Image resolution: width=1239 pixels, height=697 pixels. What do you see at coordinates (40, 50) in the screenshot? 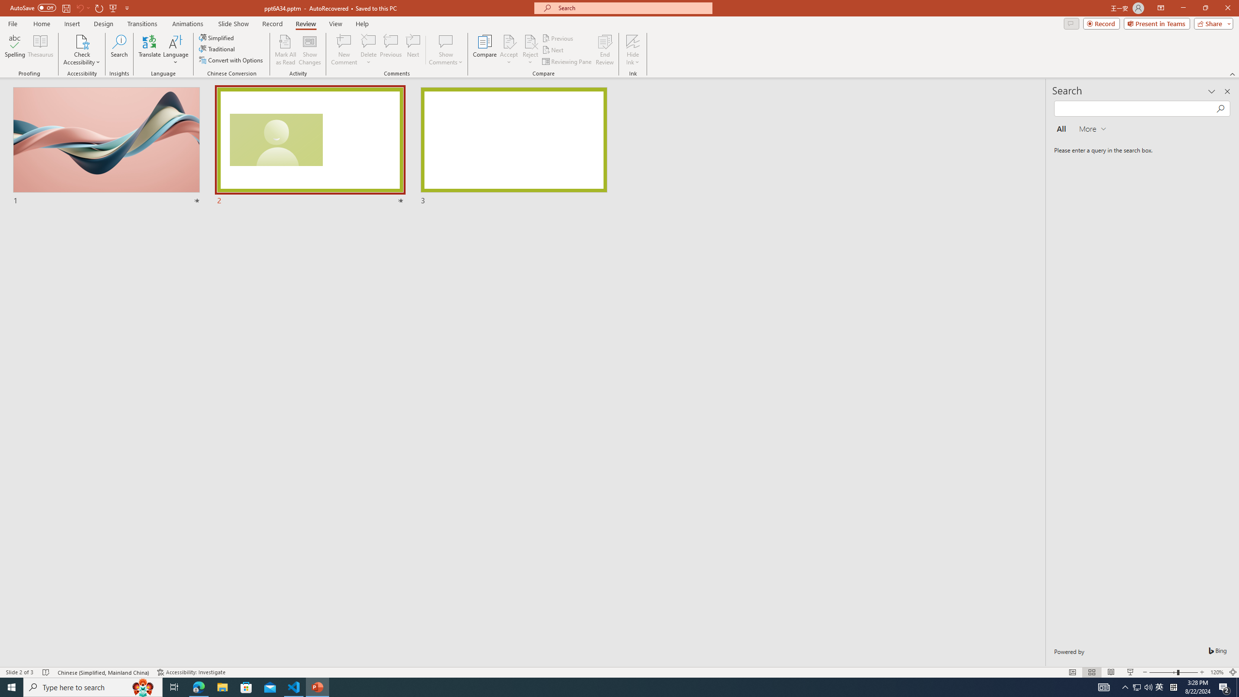
I see `'Thesaurus...'` at bounding box center [40, 50].